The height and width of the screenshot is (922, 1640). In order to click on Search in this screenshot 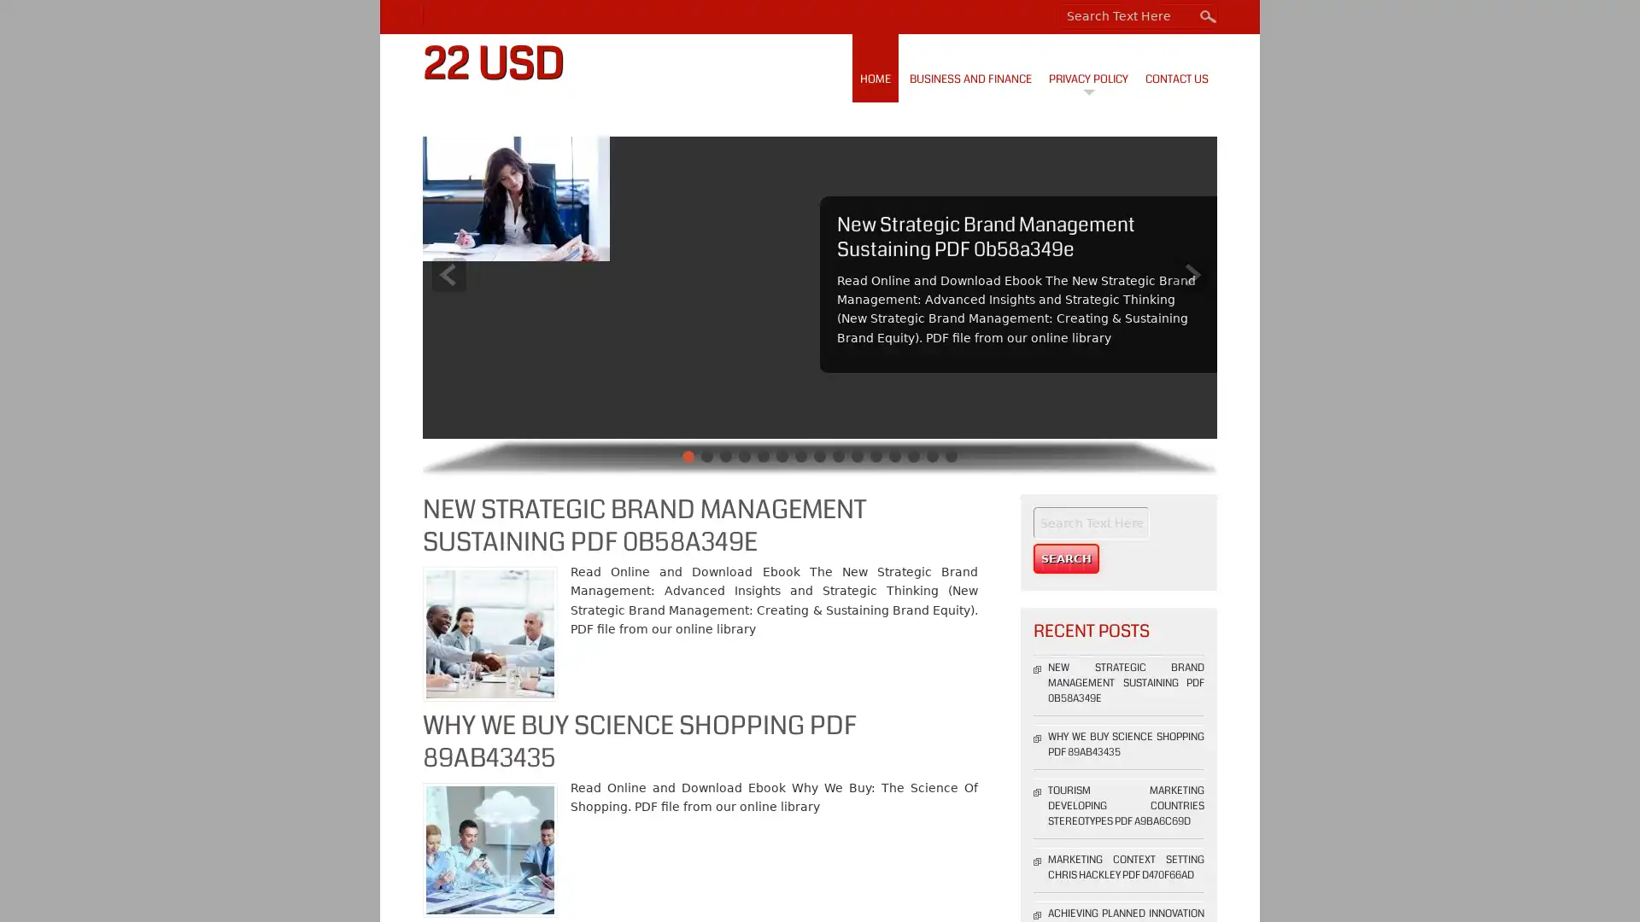, I will do `click(1065, 558)`.